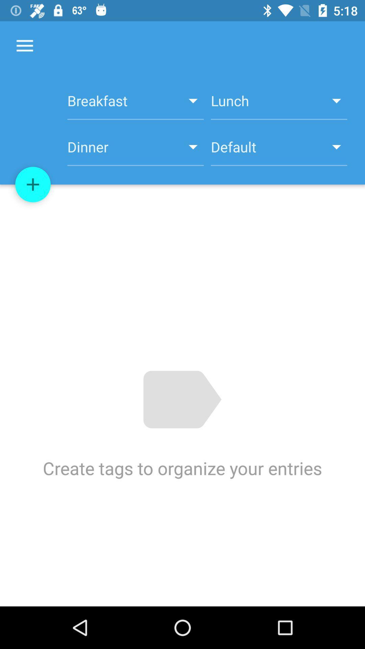 The image size is (365, 649). Describe the element at coordinates (279, 104) in the screenshot. I see `lunch item` at that location.